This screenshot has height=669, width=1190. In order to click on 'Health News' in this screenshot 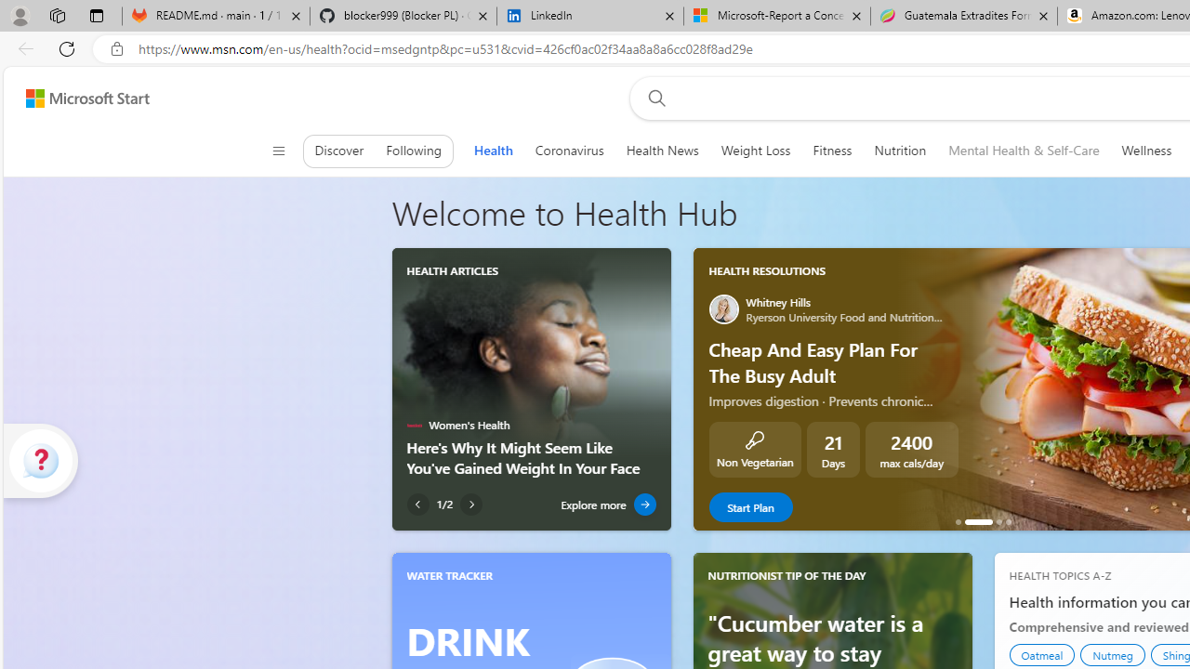, I will do `click(662, 150)`.